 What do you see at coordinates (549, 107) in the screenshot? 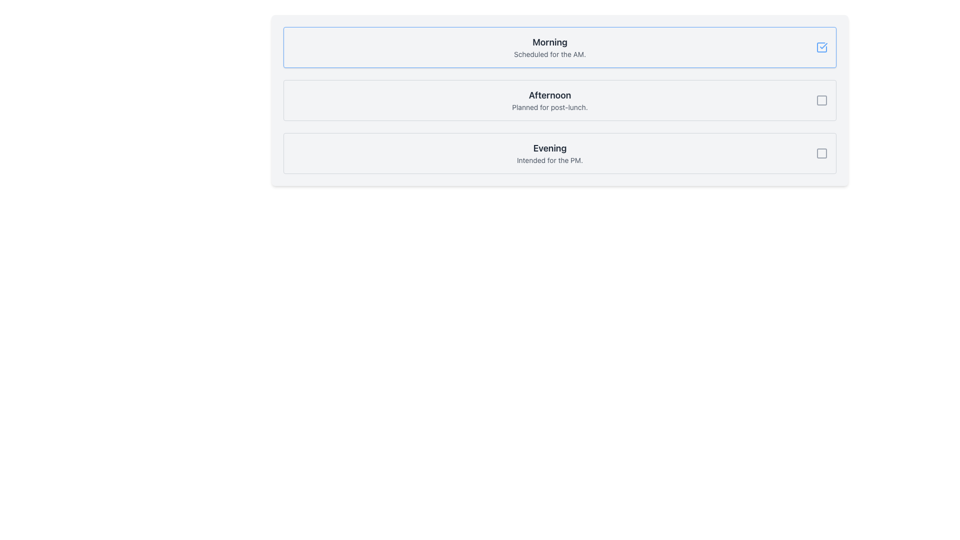
I see `the static text element that provides additional context for the 'Afternoon' section, located directly below the 'Afternoon' title in the structured list` at bounding box center [549, 107].